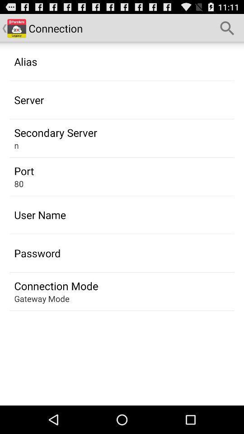 The height and width of the screenshot is (434, 244). I want to click on password icon, so click(37, 253).